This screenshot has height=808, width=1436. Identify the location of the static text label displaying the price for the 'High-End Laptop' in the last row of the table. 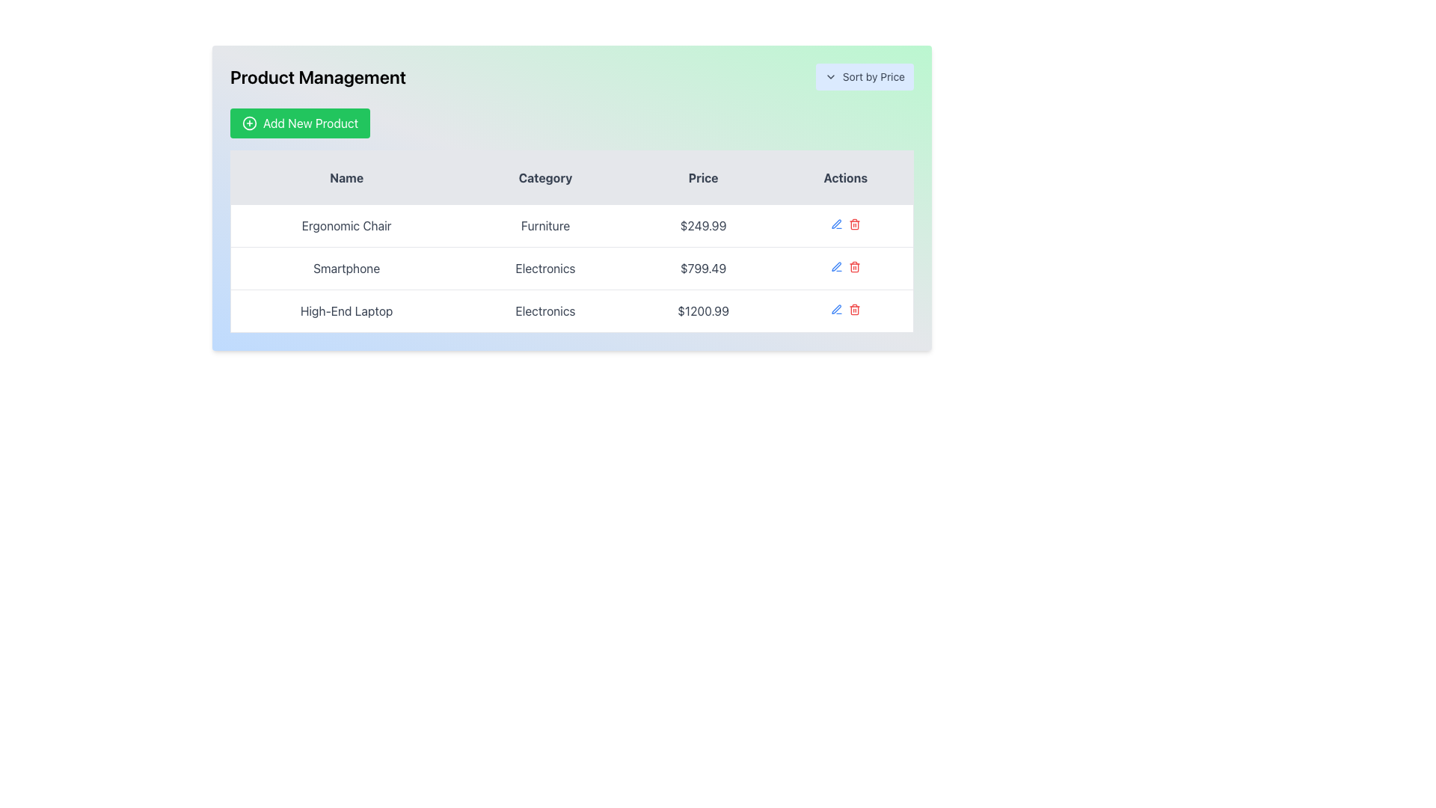
(702, 310).